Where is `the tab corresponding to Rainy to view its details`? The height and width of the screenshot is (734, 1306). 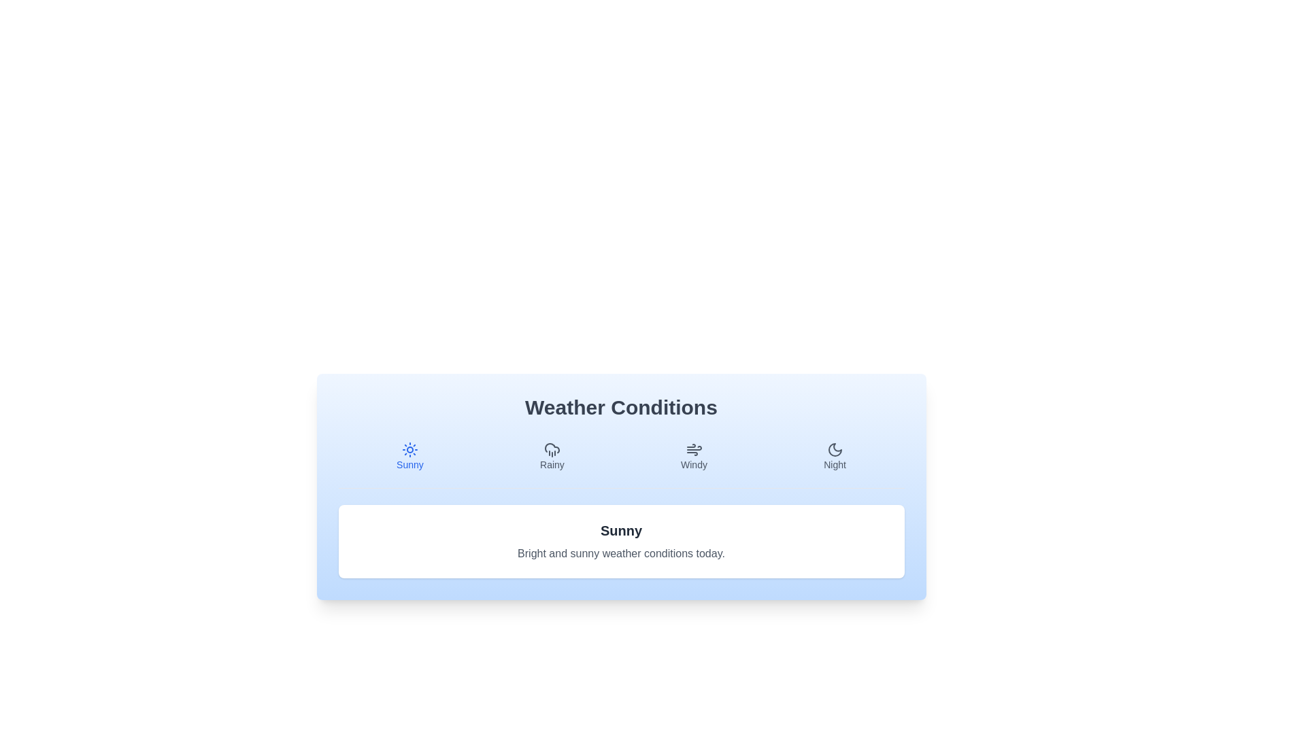
the tab corresponding to Rainy to view its details is located at coordinates (552, 456).